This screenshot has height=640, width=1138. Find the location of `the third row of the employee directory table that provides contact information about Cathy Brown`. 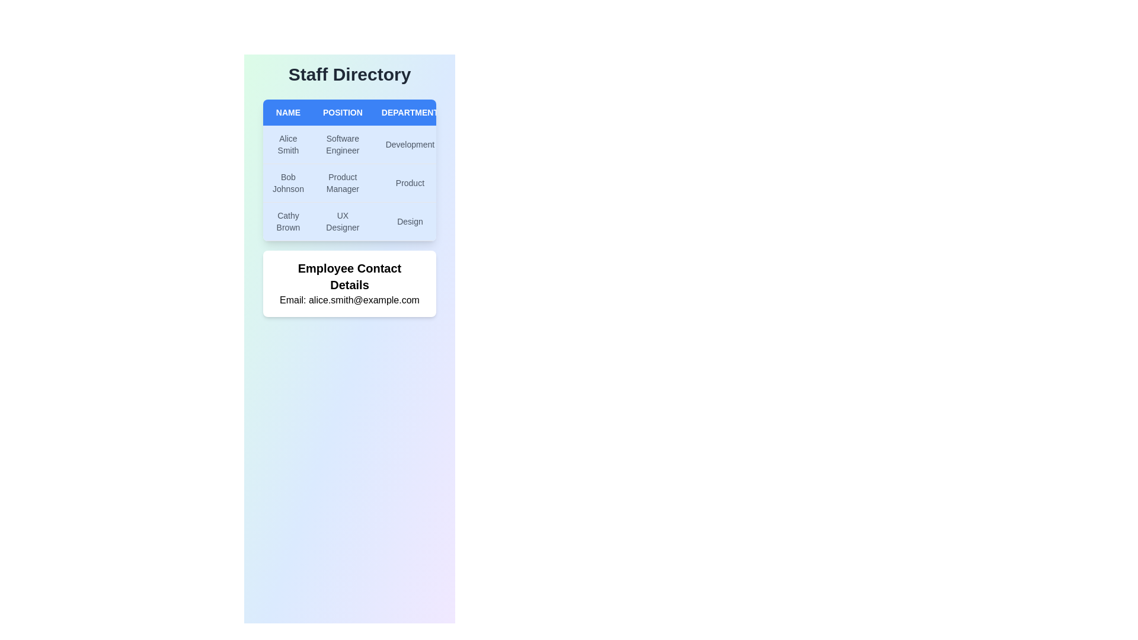

the third row of the employee directory table that provides contact information about Cathy Brown is located at coordinates (383, 222).